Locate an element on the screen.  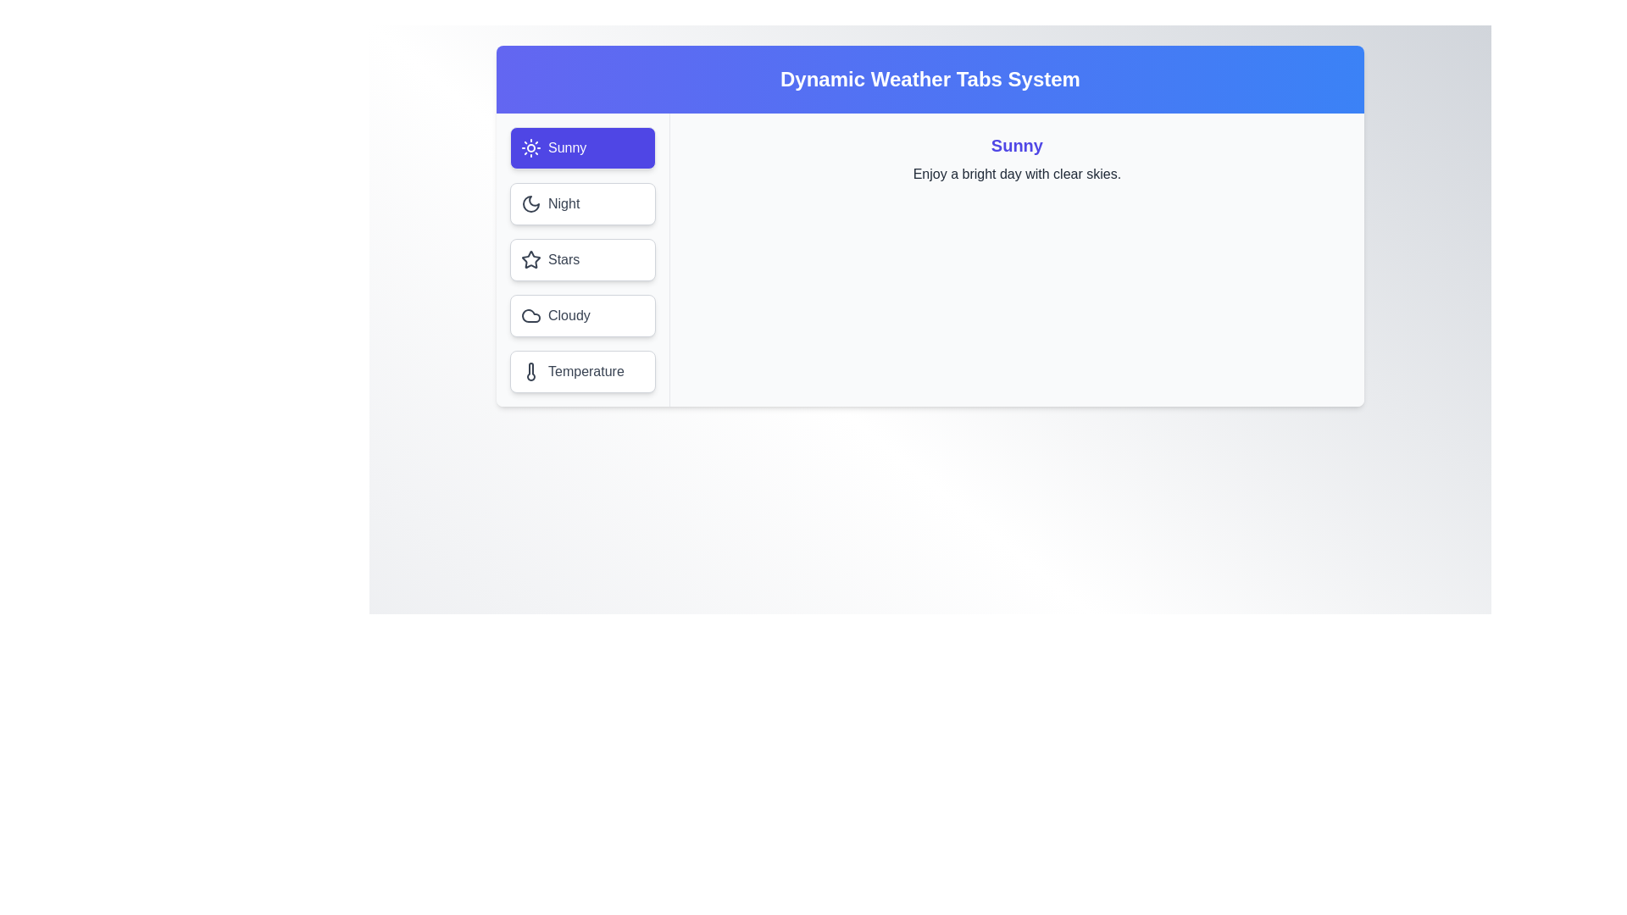
the Stars tab is located at coordinates (582, 260).